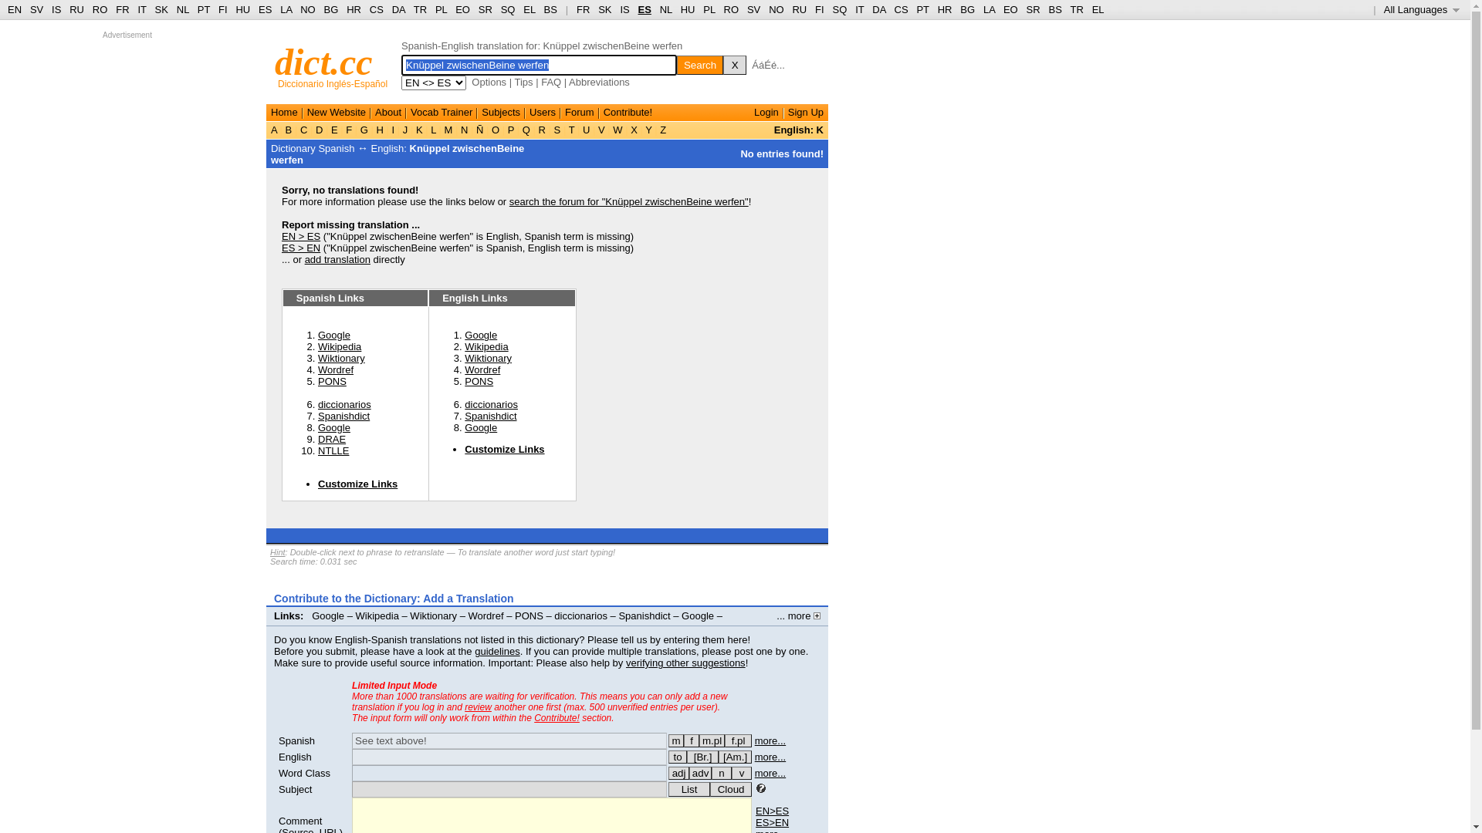 The height and width of the screenshot is (833, 1482). Describe the element at coordinates (480, 334) in the screenshot. I see `'Google'` at that location.